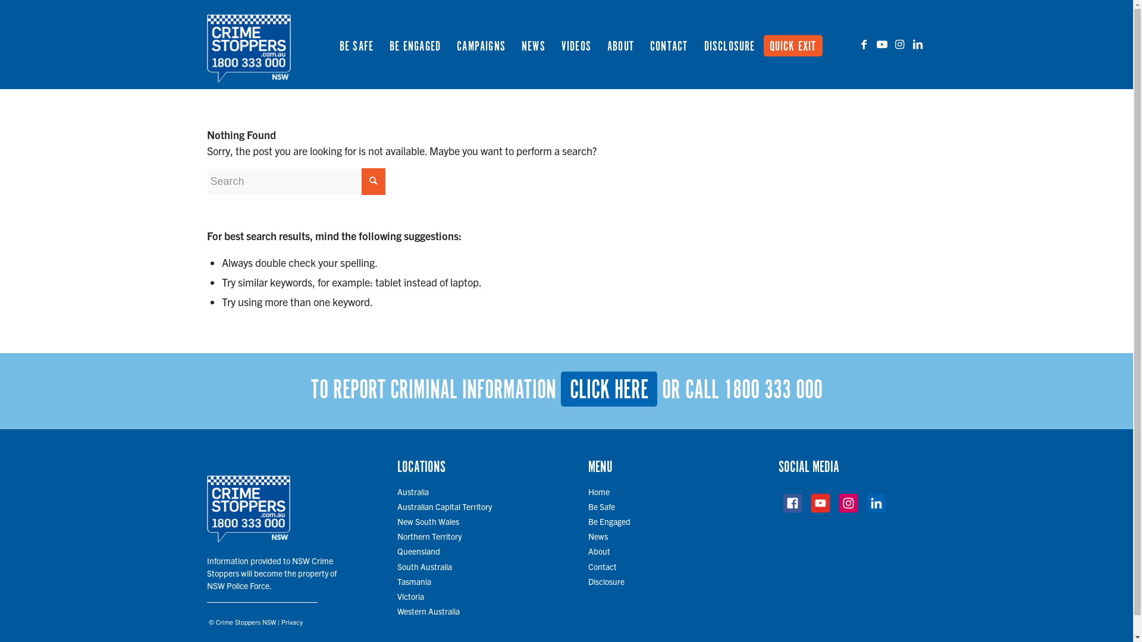 The height and width of the screenshot is (642, 1142). What do you see at coordinates (413, 491) in the screenshot?
I see `'Australia'` at bounding box center [413, 491].